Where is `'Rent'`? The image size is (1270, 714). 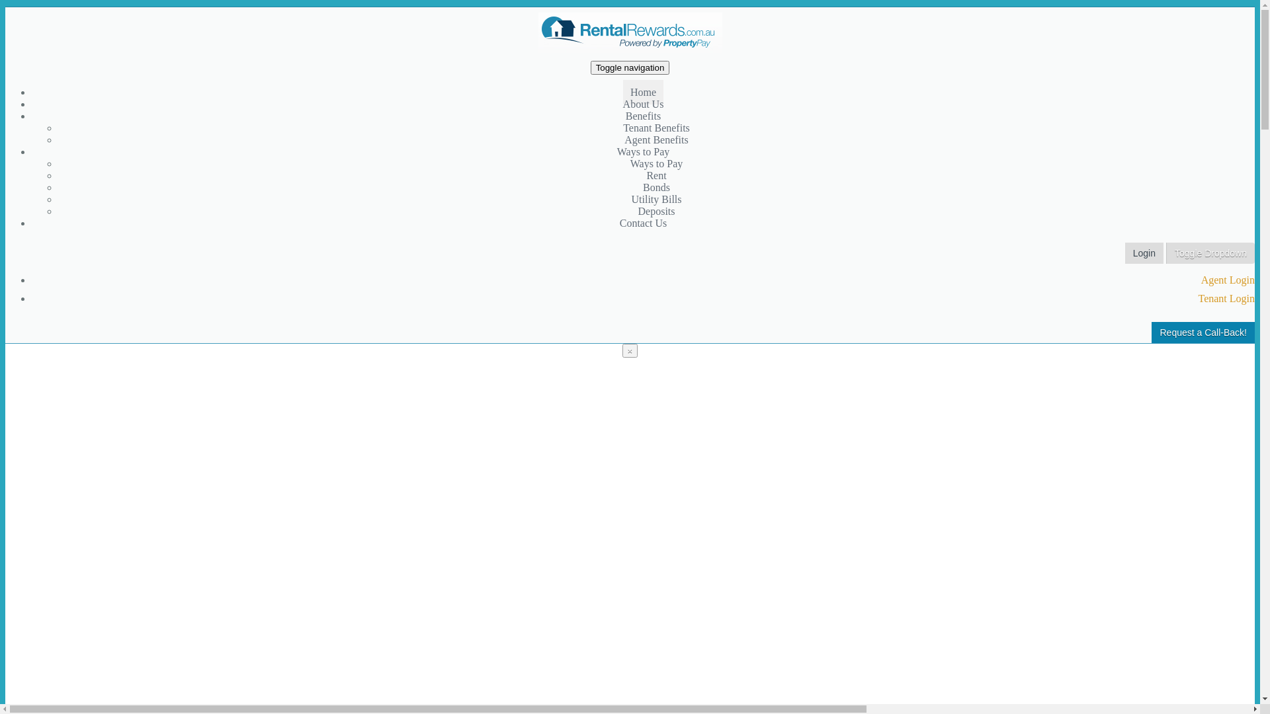 'Rent' is located at coordinates (646, 175).